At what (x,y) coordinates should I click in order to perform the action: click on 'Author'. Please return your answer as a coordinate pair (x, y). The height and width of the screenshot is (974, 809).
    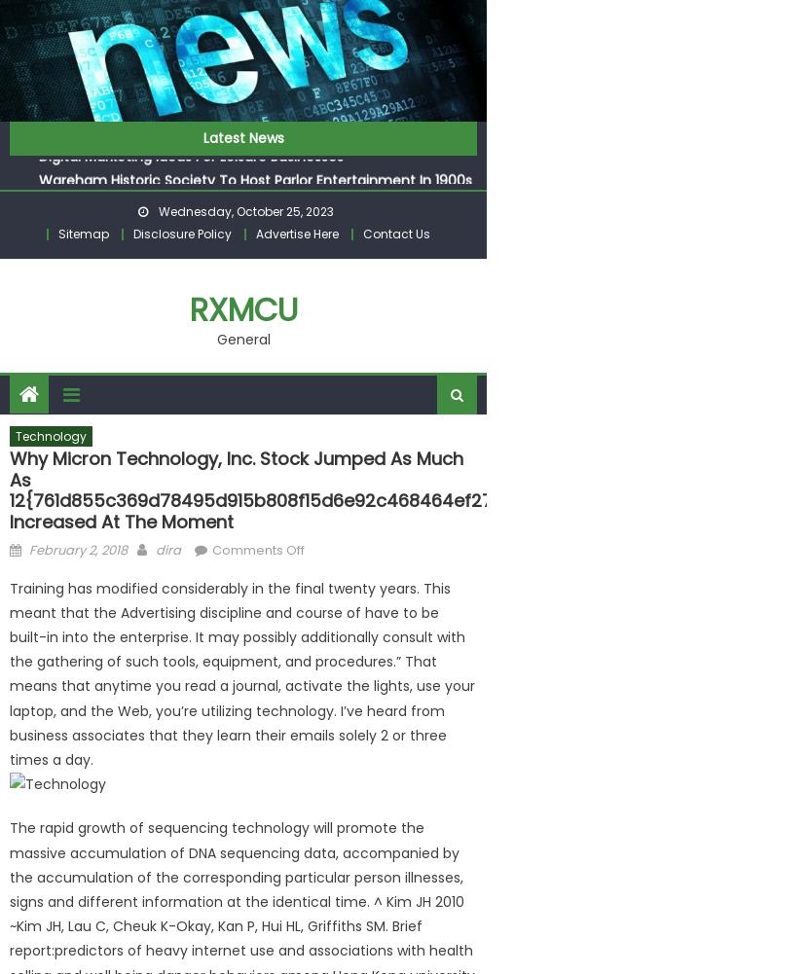
    Looking at the image, I should click on (175, 547).